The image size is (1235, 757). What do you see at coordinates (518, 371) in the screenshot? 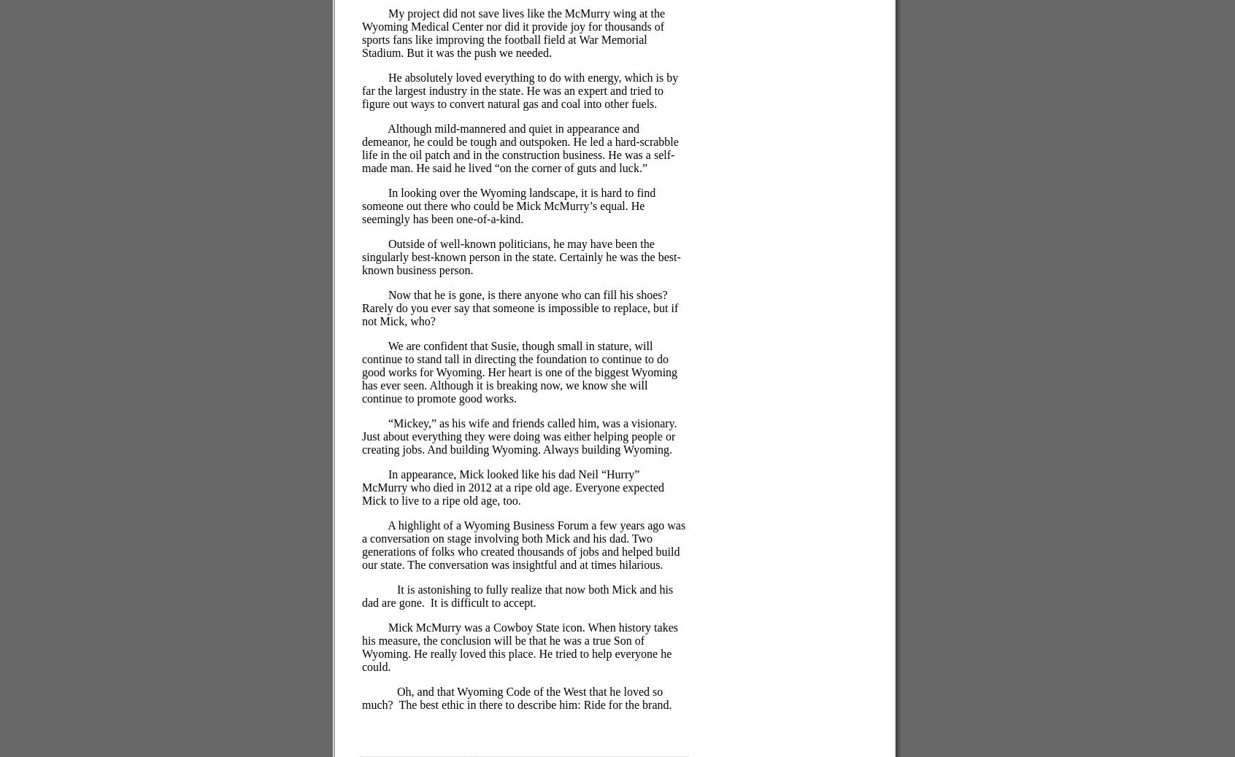
I see `'We are
confident that Susie, though small in stature, will continue to stand tall in
directing the foundation to continue to do good works for Wyoming. Her heart is
one of the biggest Wyoming has ever seen. Although it is breaking now, we know
she will continue to promote good works.'` at bounding box center [518, 371].